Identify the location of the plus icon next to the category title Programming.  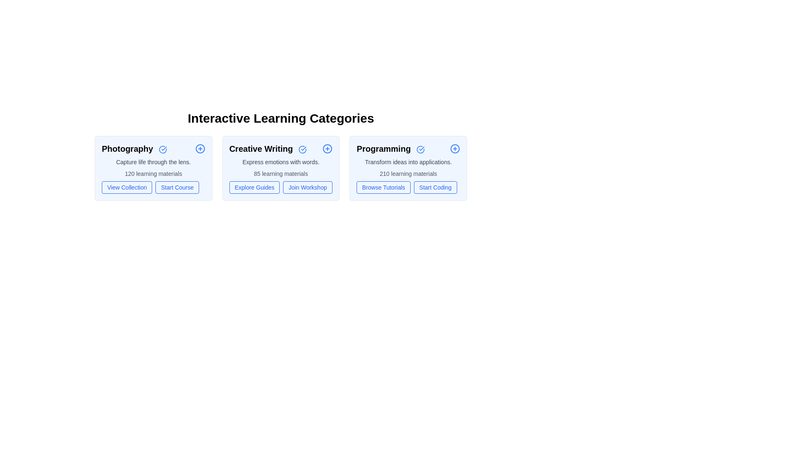
(454, 148).